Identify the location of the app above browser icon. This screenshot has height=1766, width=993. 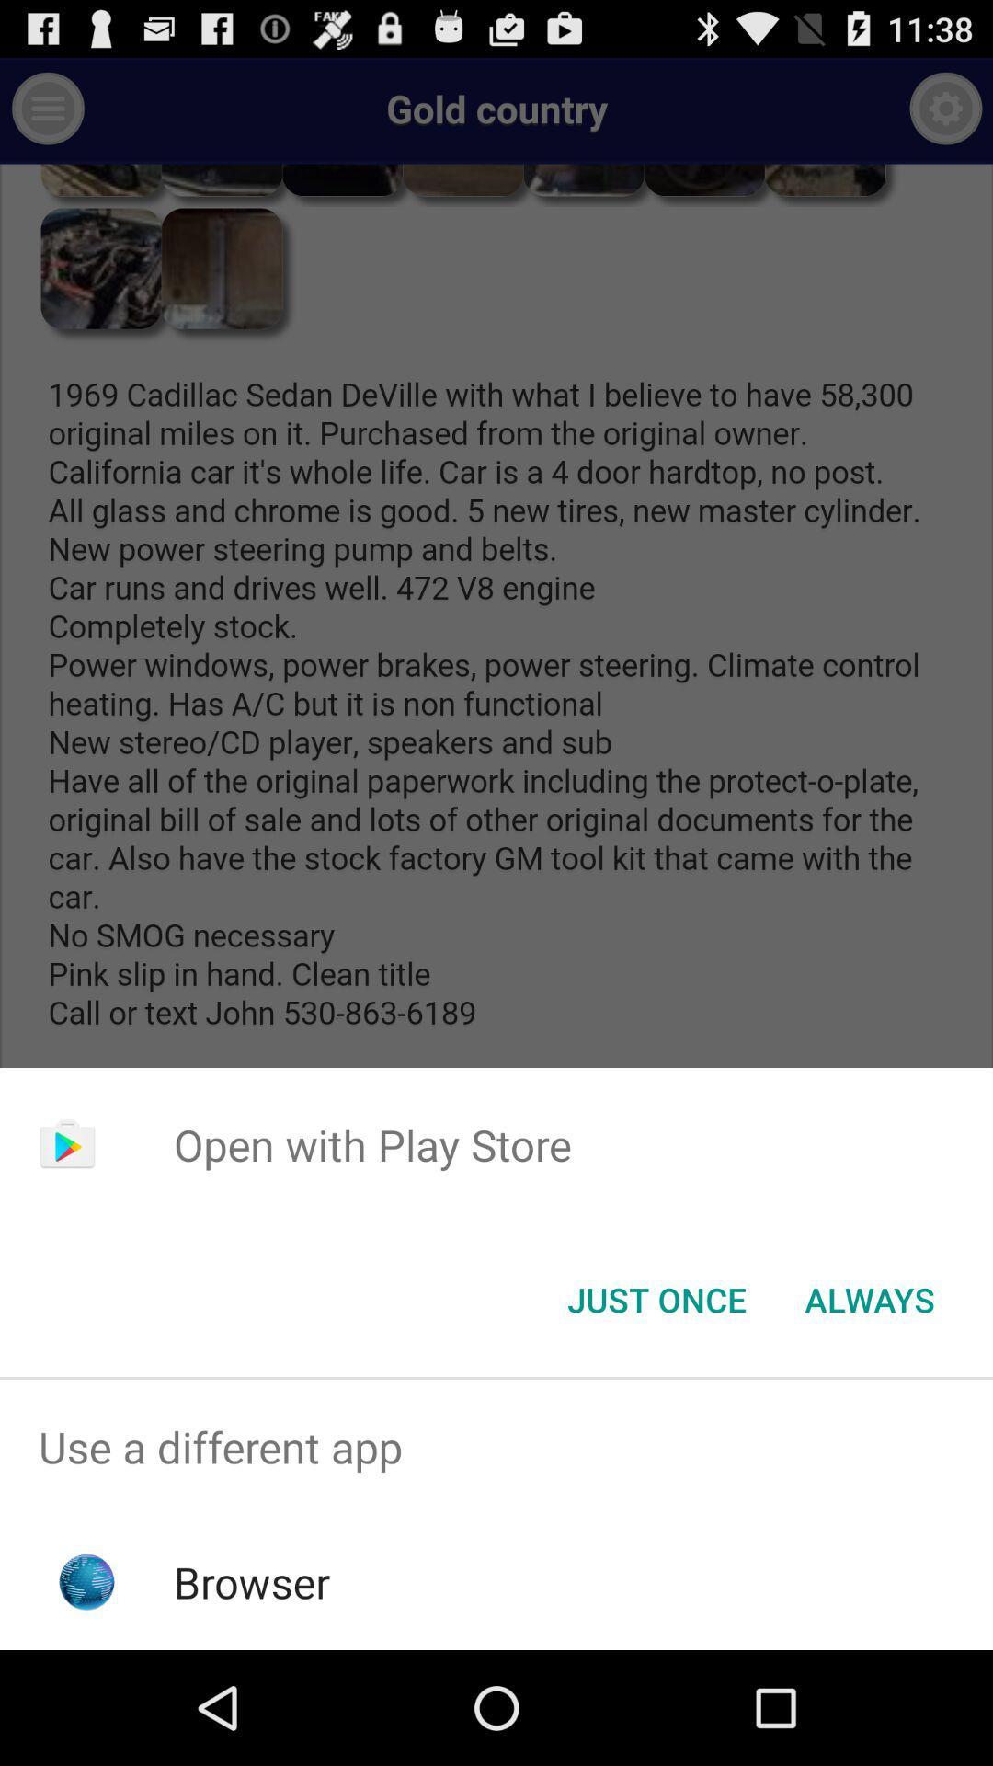
(496, 1446).